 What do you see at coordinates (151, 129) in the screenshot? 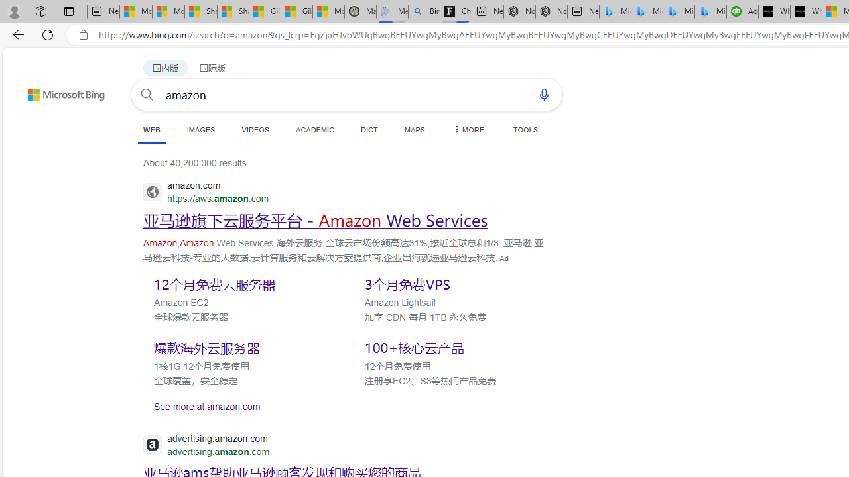
I see `'WEB'` at bounding box center [151, 129].